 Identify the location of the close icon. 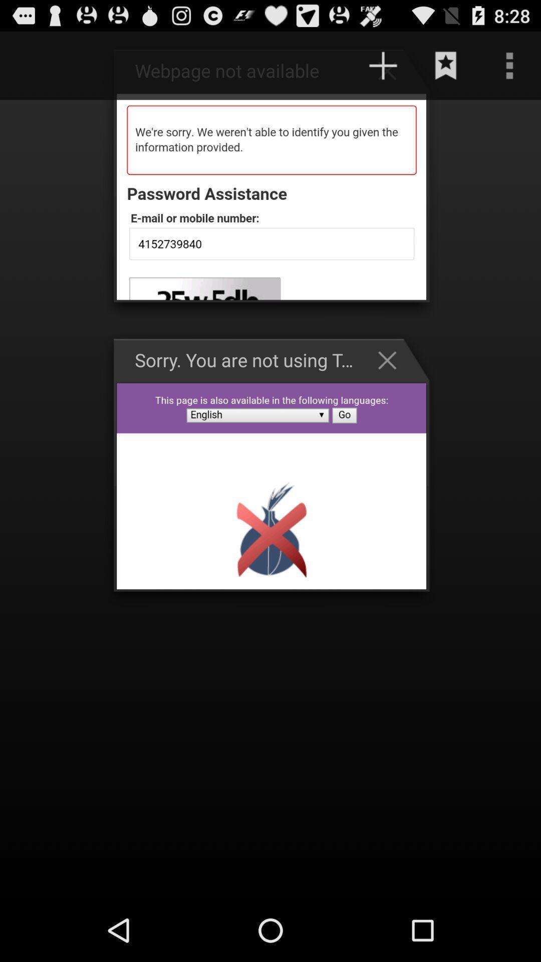
(392, 384).